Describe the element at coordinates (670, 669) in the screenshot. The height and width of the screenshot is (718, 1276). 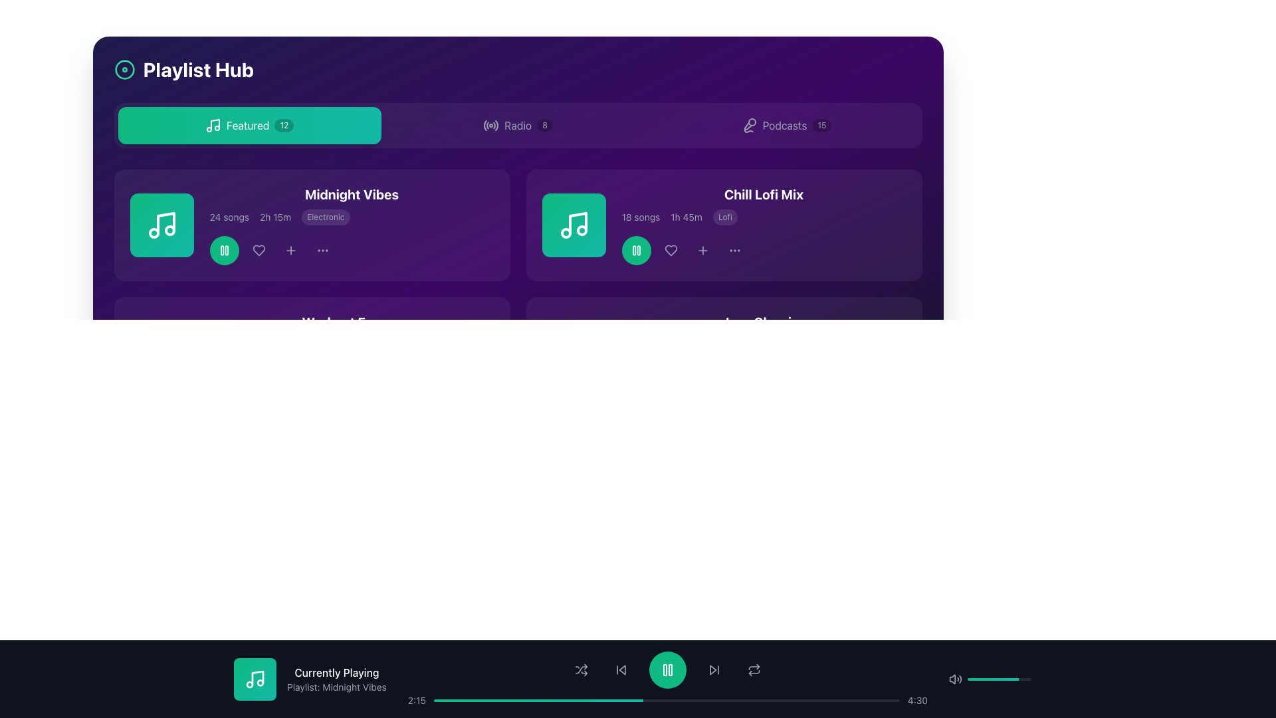
I see `the second vertical bar of the pause icon located within the circular play/pause button at the center of the bottom navigation bar to potentially view hints` at that location.